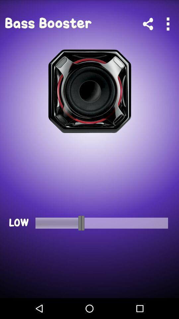 The image size is (179, 319). Describe the element at coordinates (148, 24) in the screenshot. I see `the app next to the bass booster app` at that location.